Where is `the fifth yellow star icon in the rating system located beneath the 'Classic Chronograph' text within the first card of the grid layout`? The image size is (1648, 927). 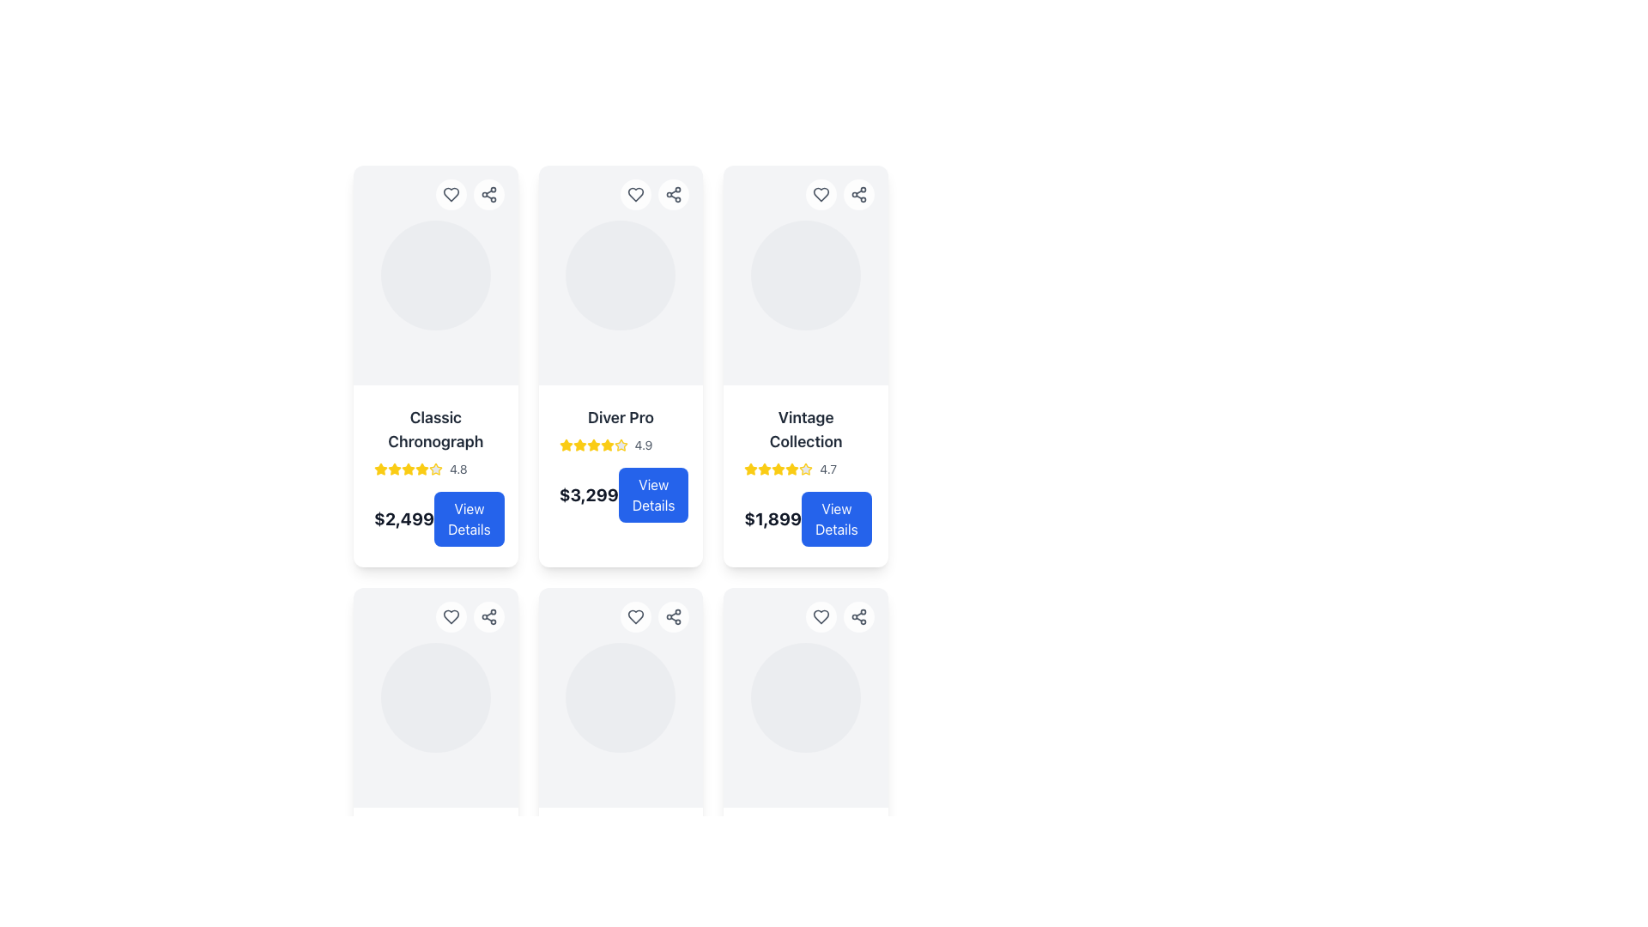 the fifth yellow star icon in the rating system located beneath the 'Classic Chronograph' text within the first card of the grid layout is located at coordinates (407, 470).